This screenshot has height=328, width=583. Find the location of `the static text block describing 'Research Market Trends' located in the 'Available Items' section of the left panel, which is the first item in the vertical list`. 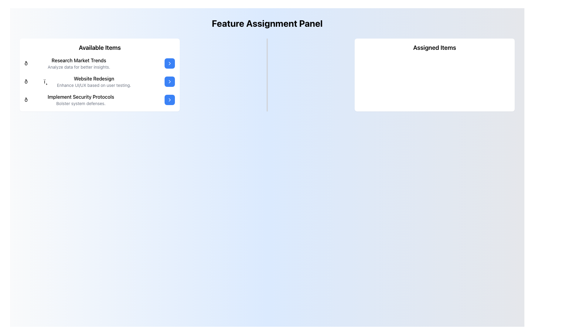

the static text block describing 'Research Market Trends' located in the 'Available Items' section of the left panel, which is the first item in the vertical list is located at coordinates (78, 63).